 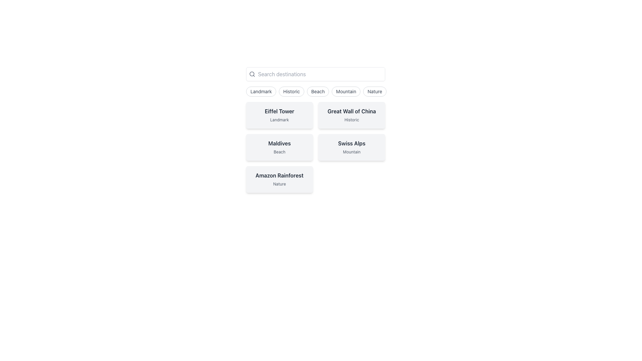 I want to click on small text label that reads 'Nature' in light gray color, positioned below the bold 'Amazon Rainforest' text, so click(x=279, y=184).